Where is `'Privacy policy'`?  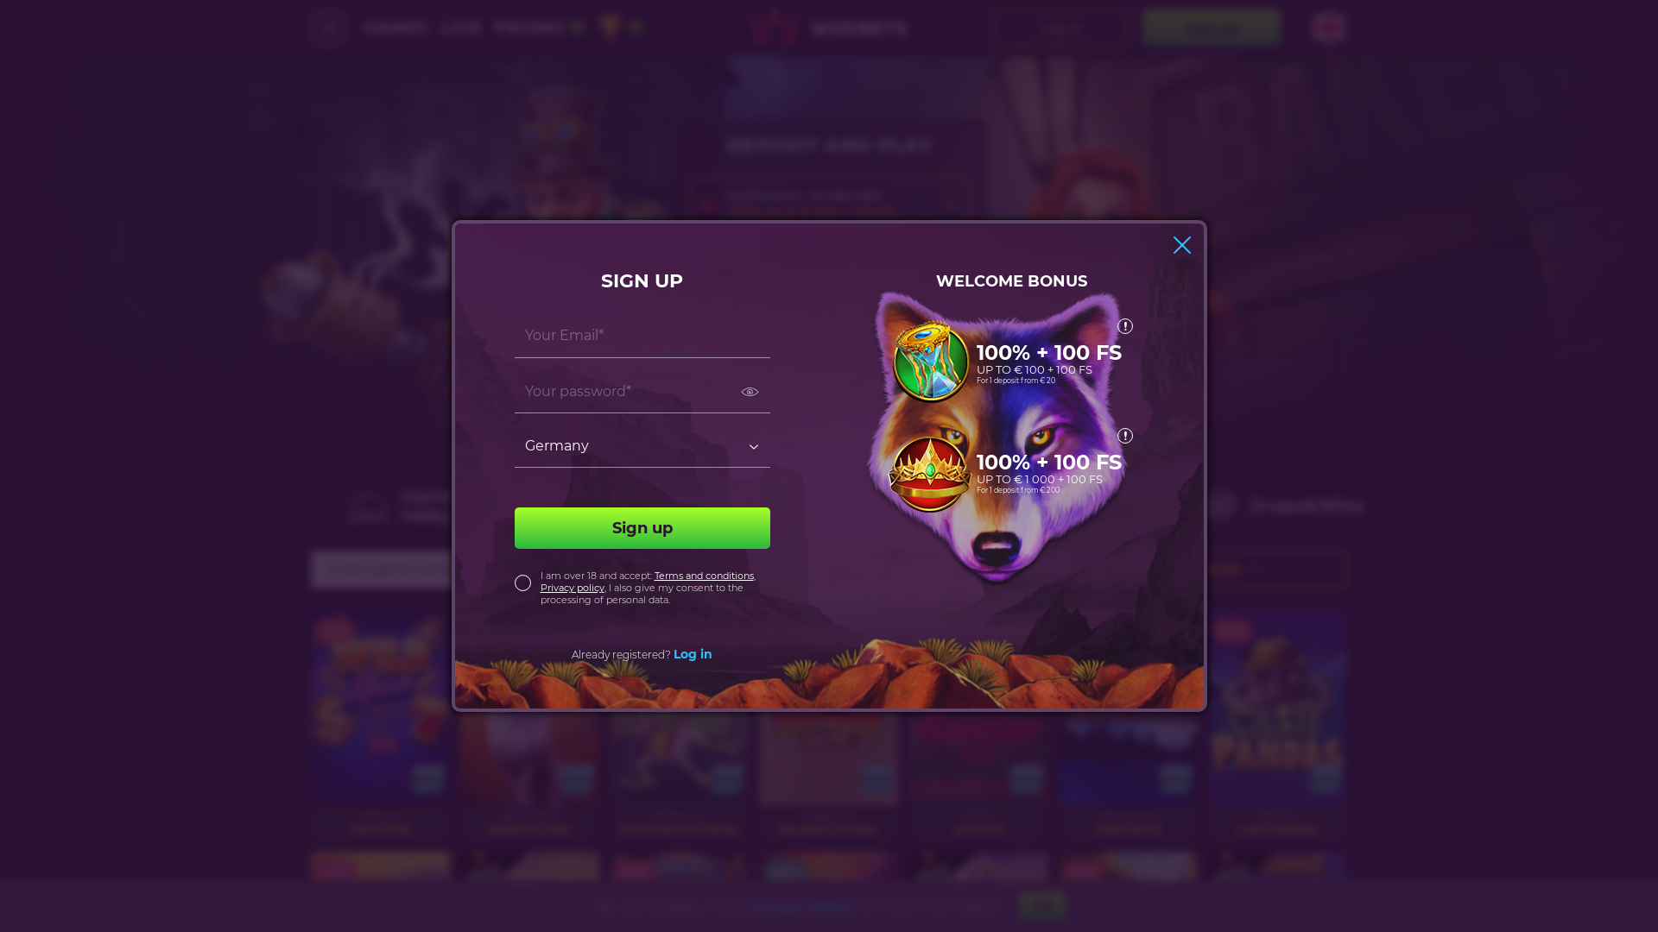
'Privacy policy' is located at coordinates (572, 587).